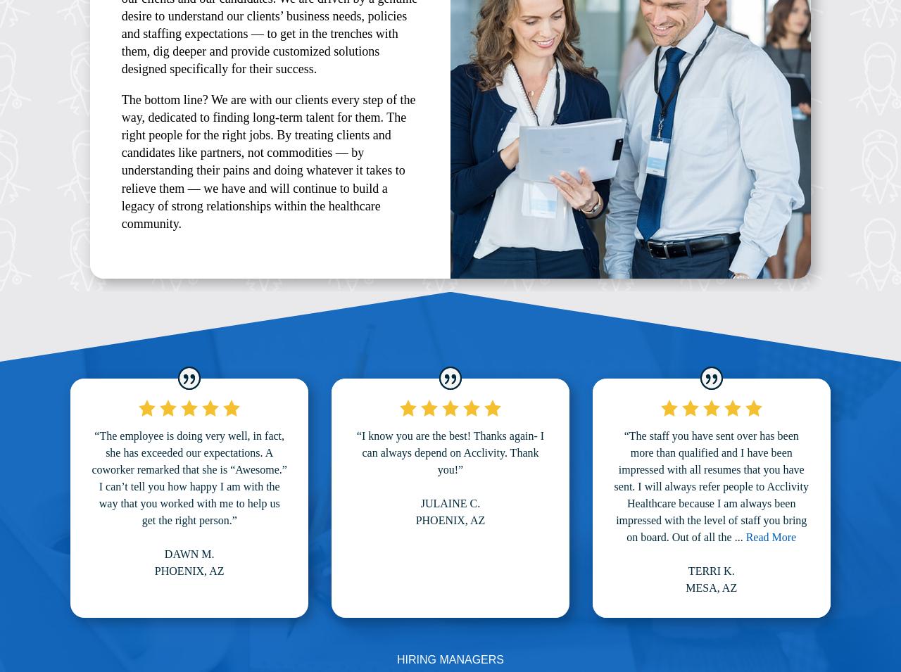  I want to click on 'The bottom line? We are with our clients every step of the way, dedicated to finding long-term talent for them. The right people for the right jobs. By treating clients and candidates like partners, not commodities — by understanding their pains and doing whatever it takes to relieve them — we have and will continue to build a legacy of strong relationships within the healthcare community.', so click(268, 161).